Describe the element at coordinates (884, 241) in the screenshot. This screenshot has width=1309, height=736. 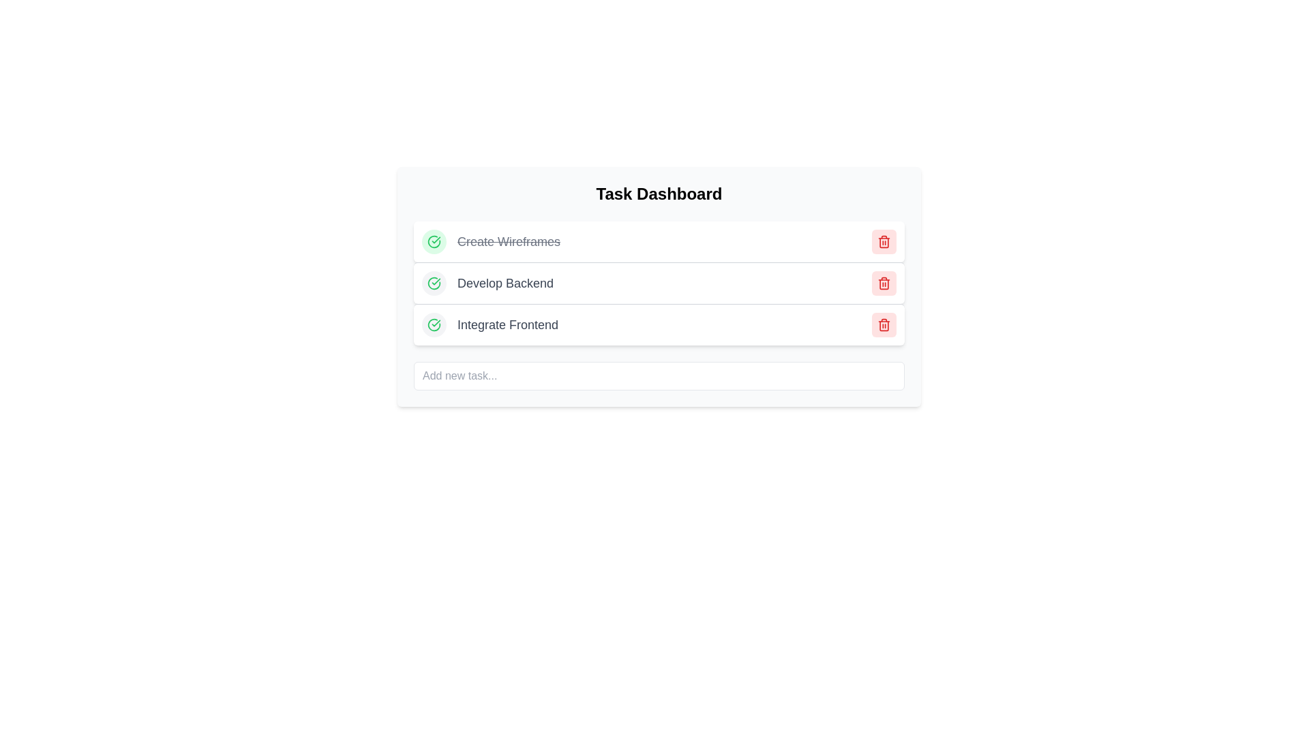
I see `the trash bin icon button with a red color and rounded rectangular background, located on the right side of the second task in the task dashboard` at that location.